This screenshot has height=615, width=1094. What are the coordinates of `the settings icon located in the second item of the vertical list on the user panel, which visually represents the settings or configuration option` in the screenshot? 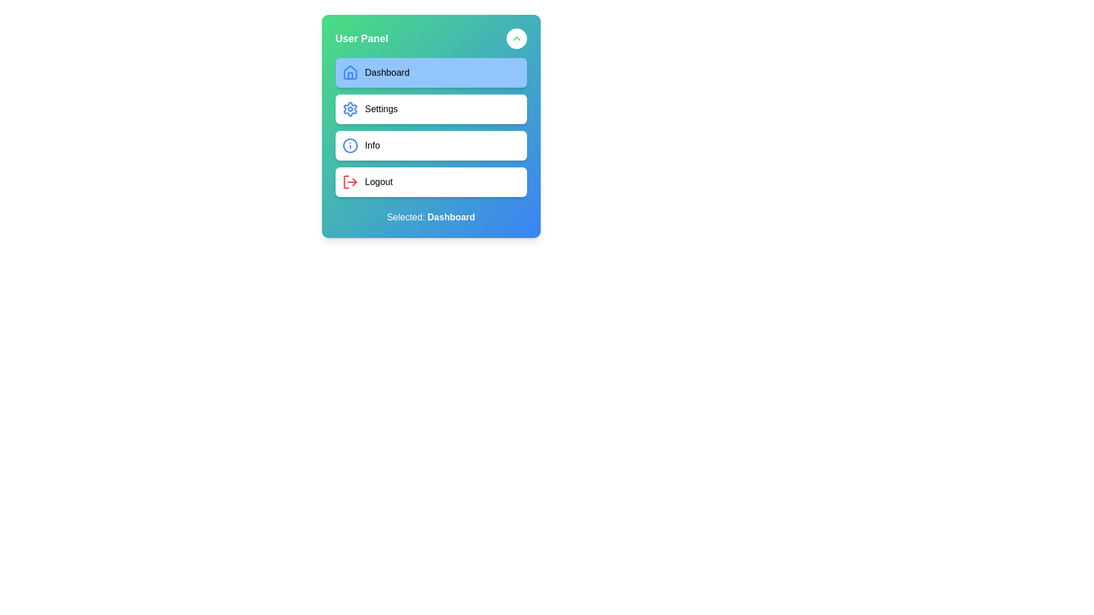 It's located at (349, 109).